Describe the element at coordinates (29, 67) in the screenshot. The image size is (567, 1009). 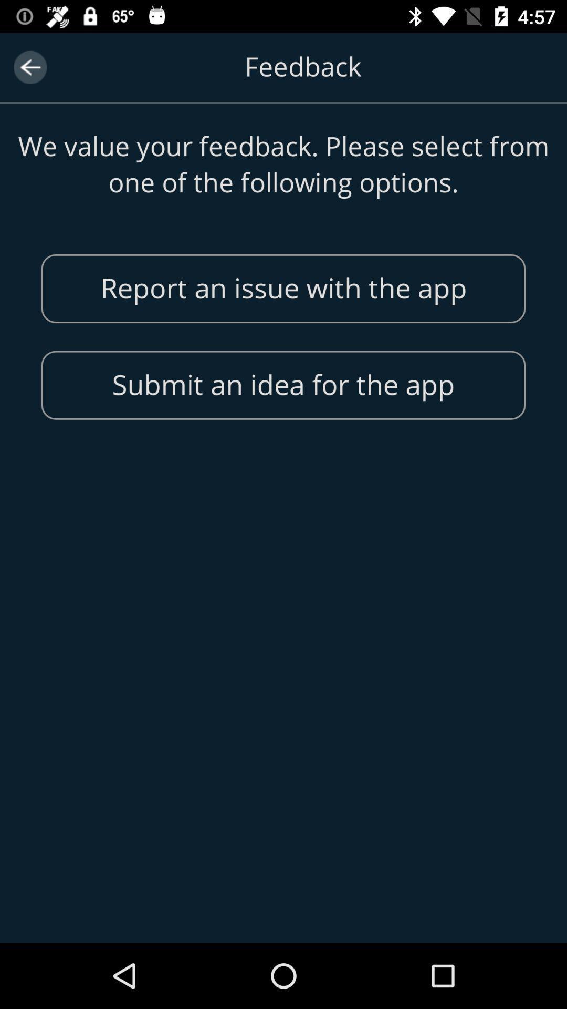
I see `the arrow_backward icon` at that location.